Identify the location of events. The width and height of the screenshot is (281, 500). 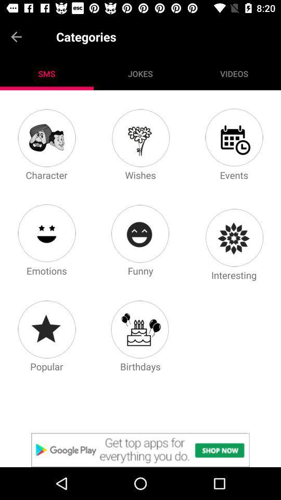
(234, 137).